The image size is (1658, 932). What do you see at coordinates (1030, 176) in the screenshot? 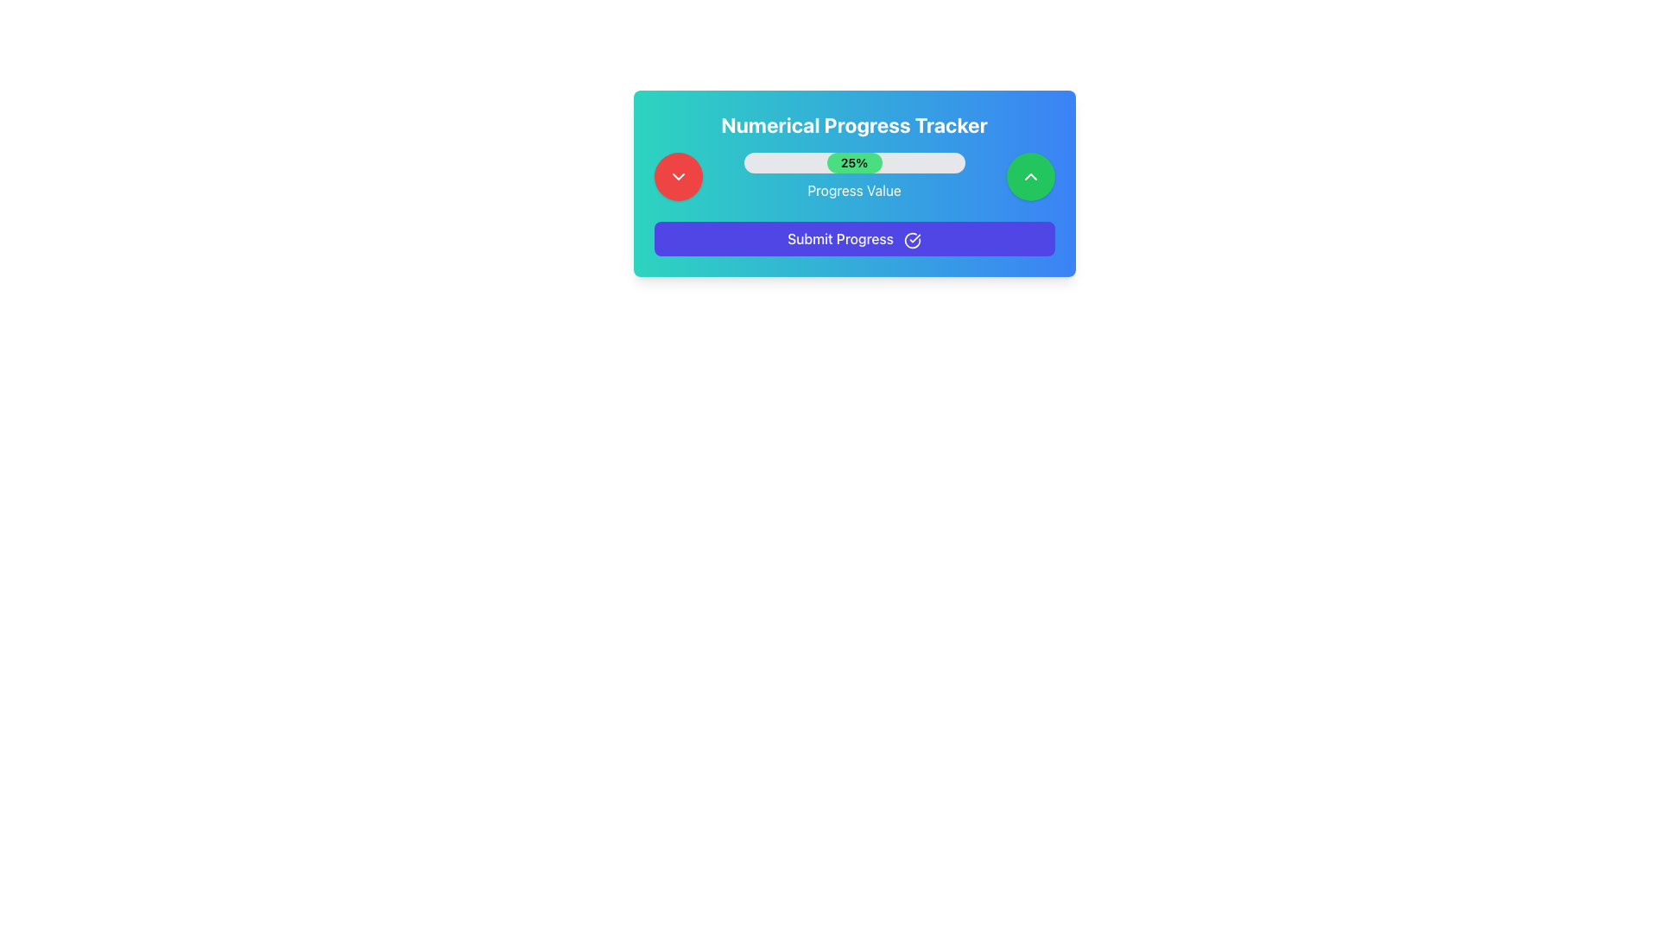
I see `the green circular button with a white upwards-facing chevron icon located on the right end of the horizontal layout` at bounding box center [1030, 176].